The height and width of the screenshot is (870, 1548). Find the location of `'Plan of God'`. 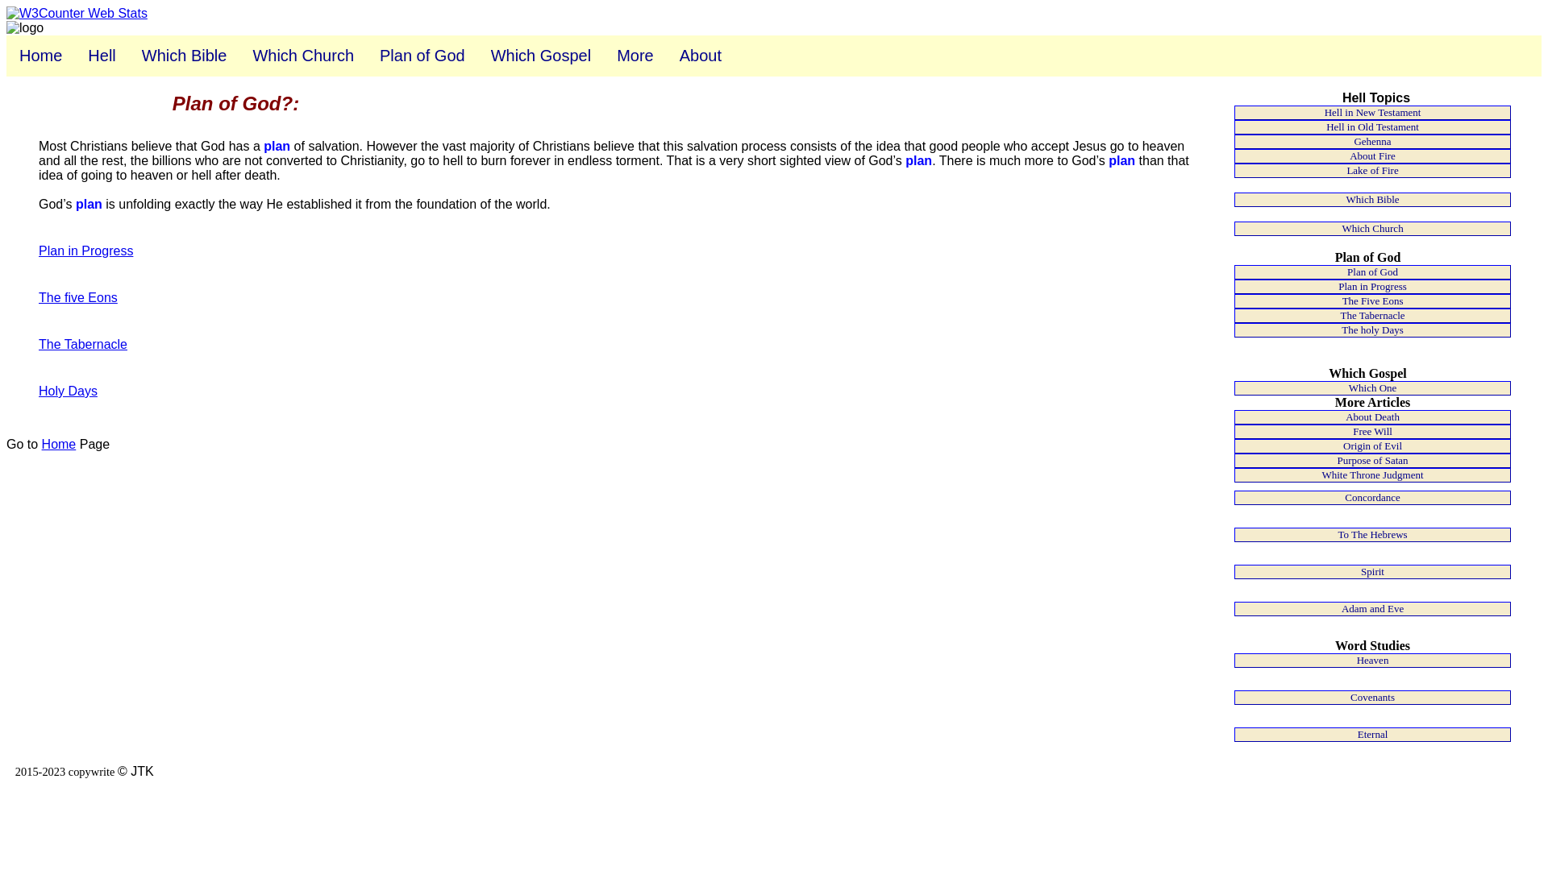

'Plan of God' is located at coordinates (422, 55).